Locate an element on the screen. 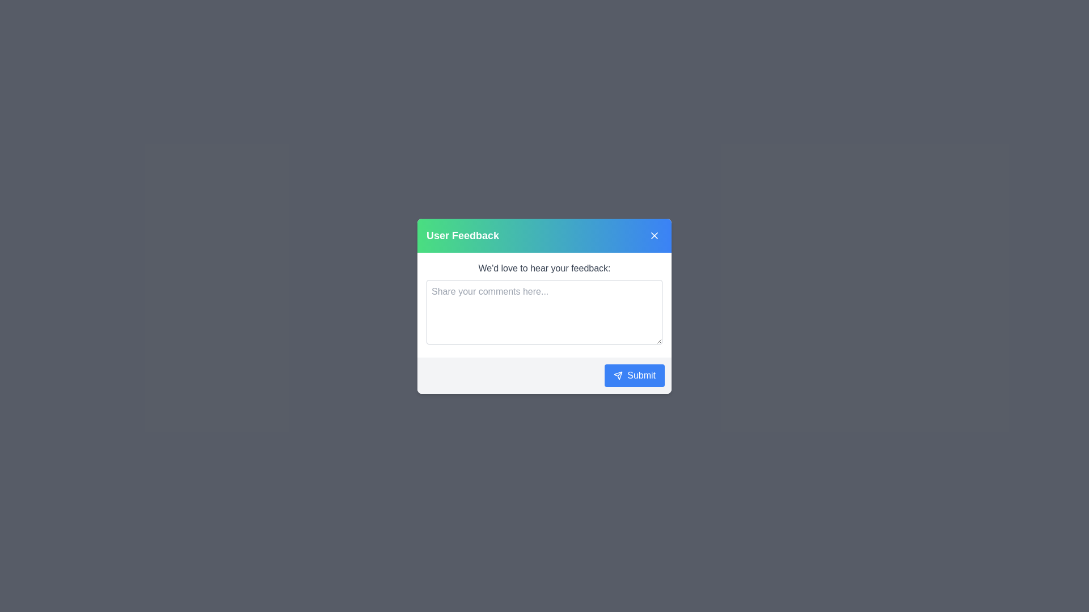 This screenshot has height=612, width=1089. the paper airplane icon located to the left of the 'Submit' text within the 'Submit' button at the bottom-right corner of the feedback form is located at coordinates (618, 375).